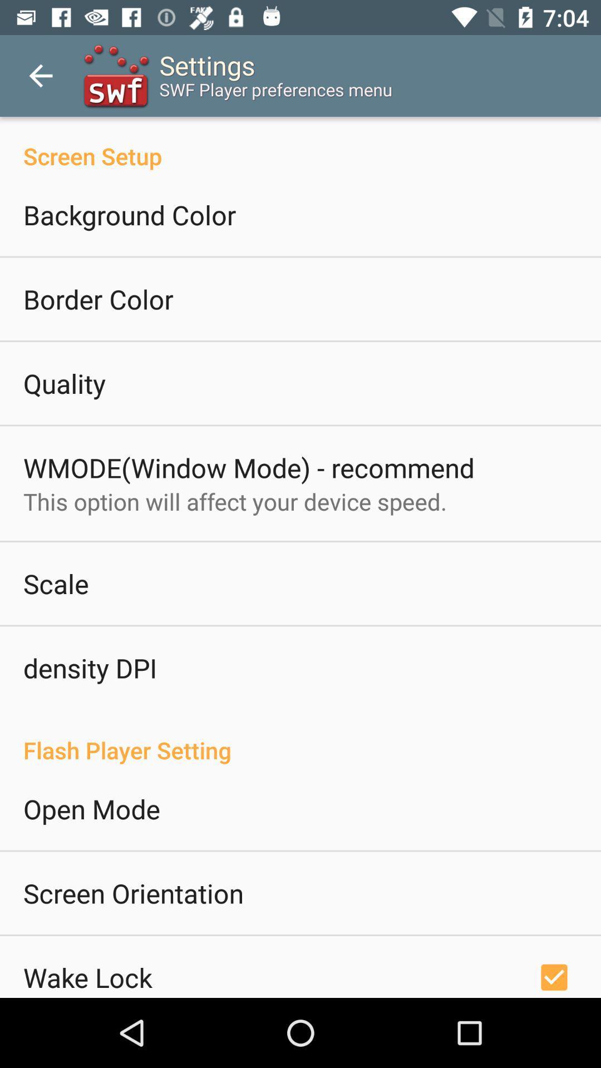  What do you see at coordinates (40, 75) in the screenshot?
I see `item above screen setup icon` at bounding box center [40, 75].